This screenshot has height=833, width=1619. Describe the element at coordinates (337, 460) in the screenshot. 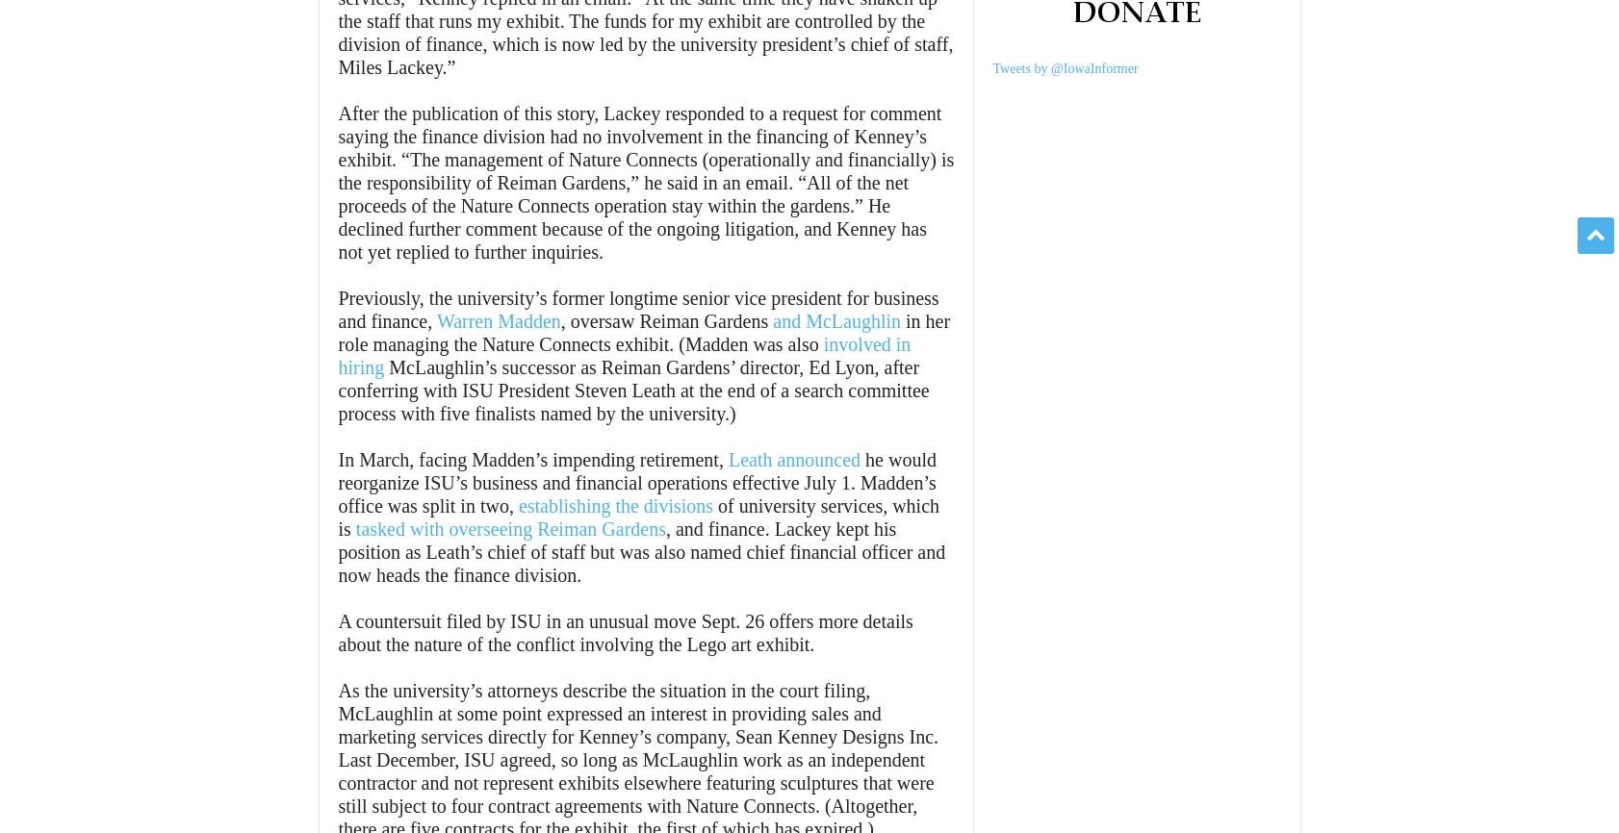

I see `'In March, facing Madden’s impending retirement,'` at that location.